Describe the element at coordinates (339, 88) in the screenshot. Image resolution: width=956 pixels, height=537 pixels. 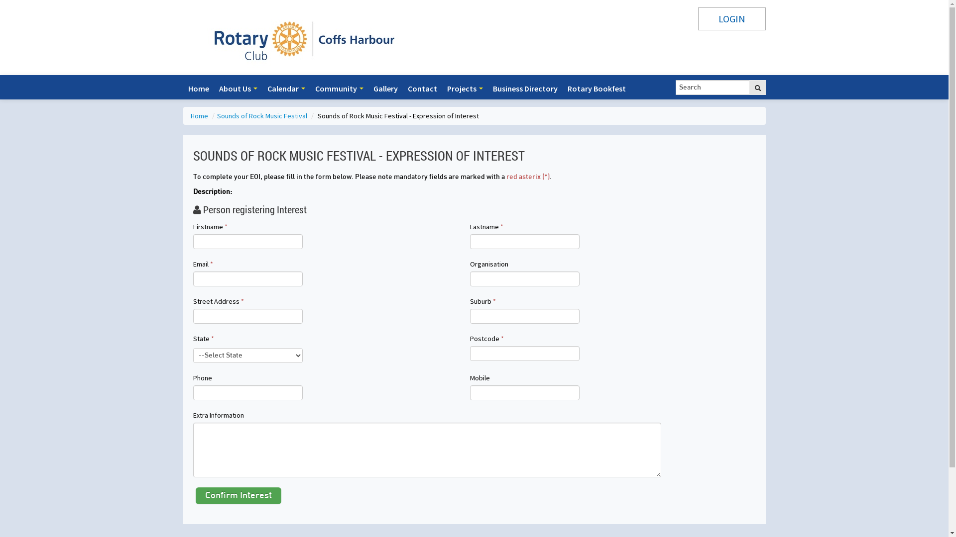
I see `'Community'` at that location.